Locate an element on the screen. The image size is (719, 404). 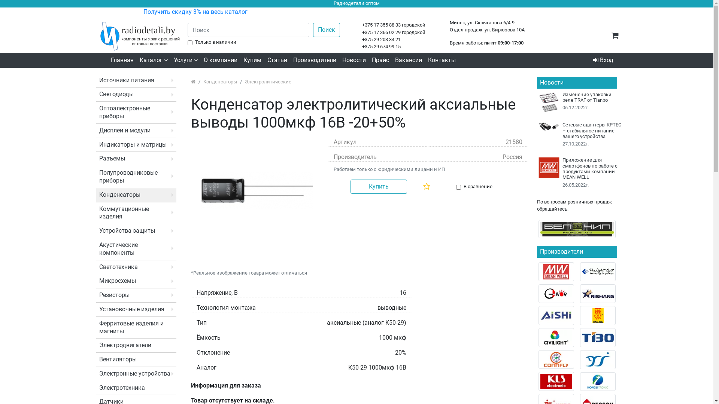
'+375 17 366 02 29' is located at coordinates (381, 32).